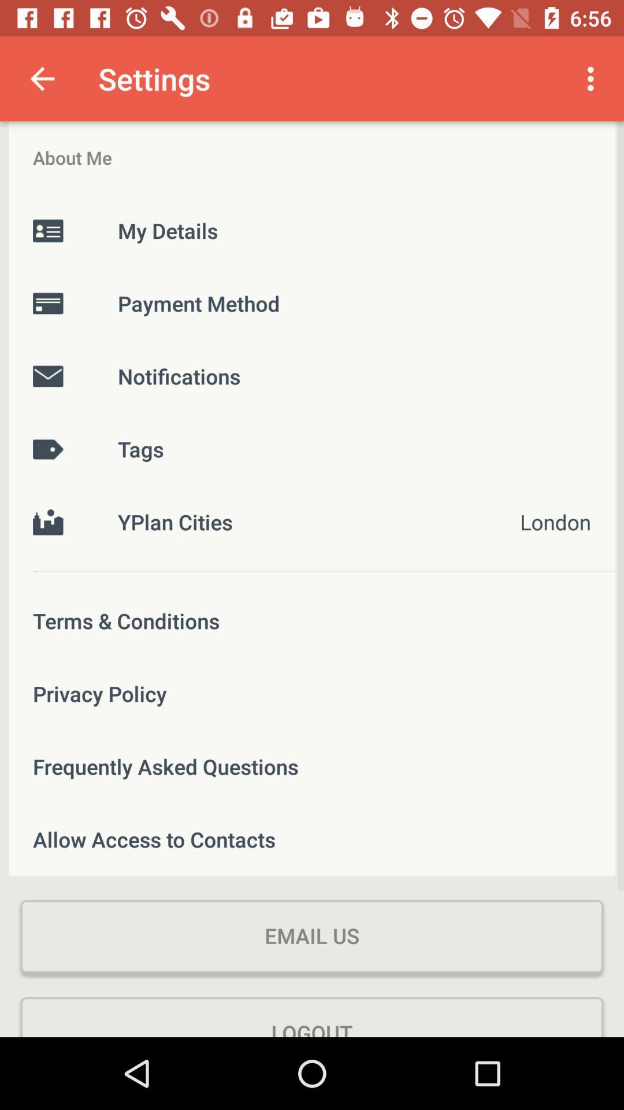 Image resolution: width=624 pixels, height=1110 pixels. I want to click on item next to the  settings app, so click(593, 78).